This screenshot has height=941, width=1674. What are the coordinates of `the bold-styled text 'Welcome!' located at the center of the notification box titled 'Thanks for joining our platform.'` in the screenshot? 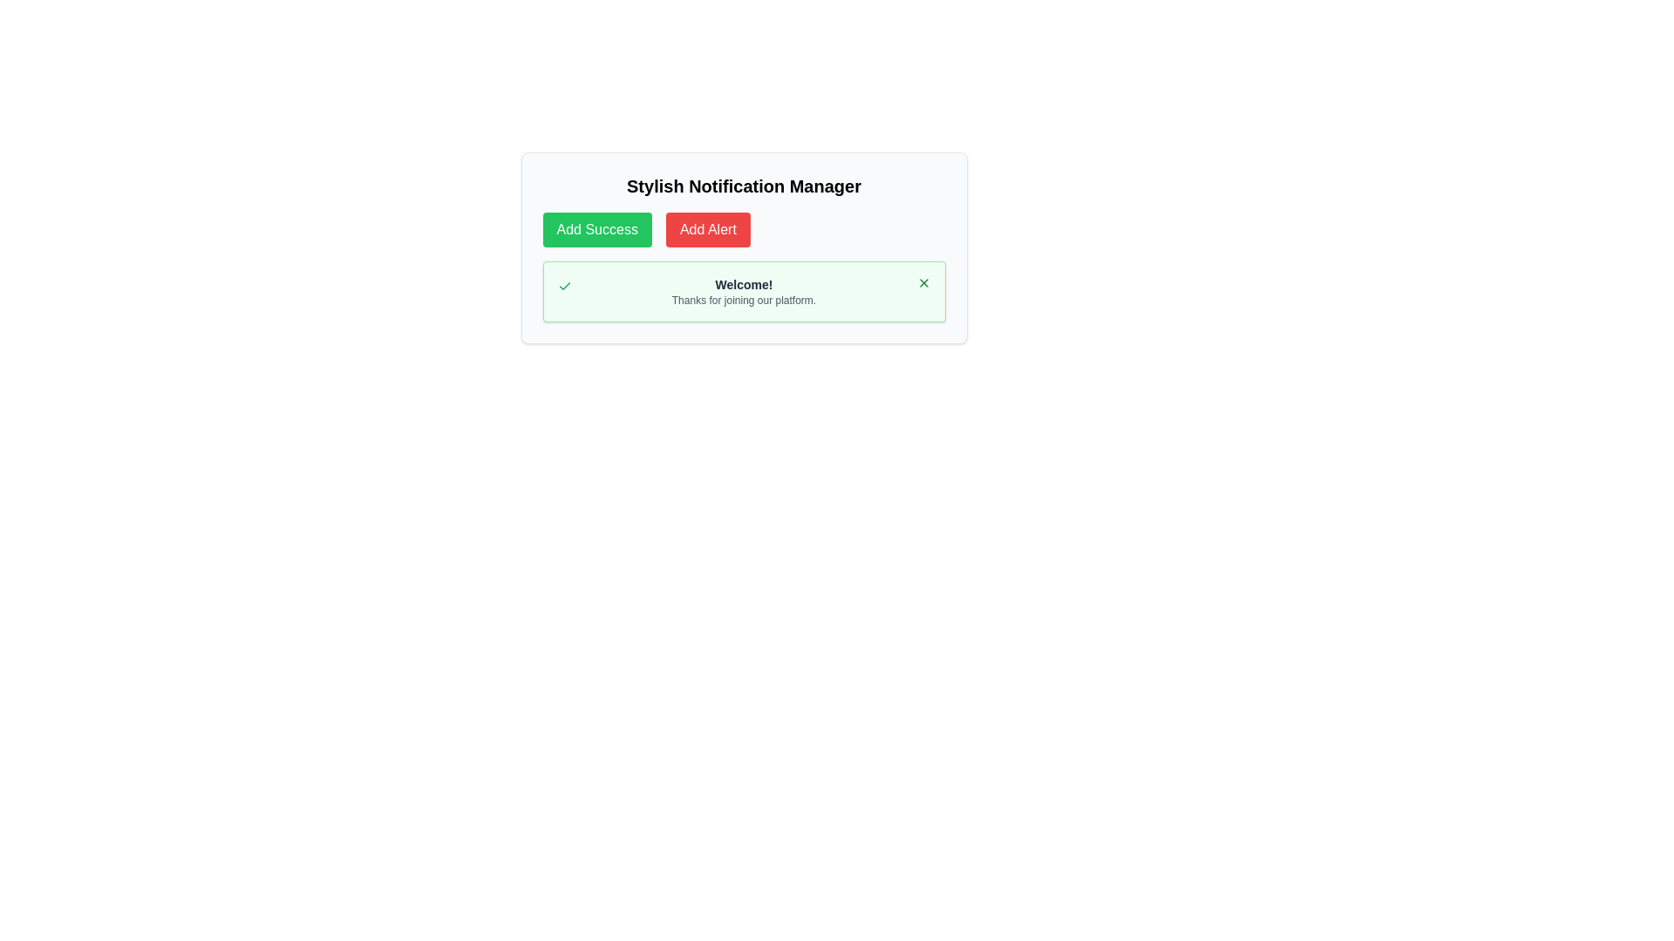 It's located at (744, 284).